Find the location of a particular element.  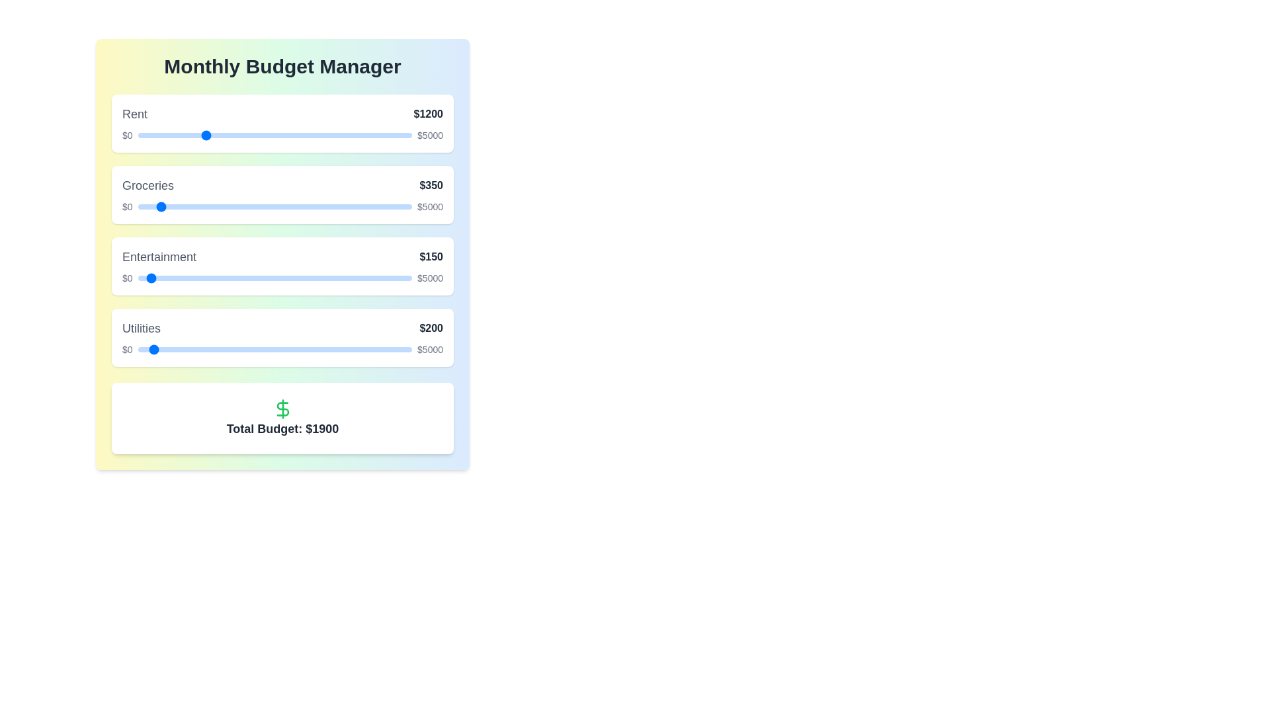

the Entertainment budget is located at coordinates (198, 277).